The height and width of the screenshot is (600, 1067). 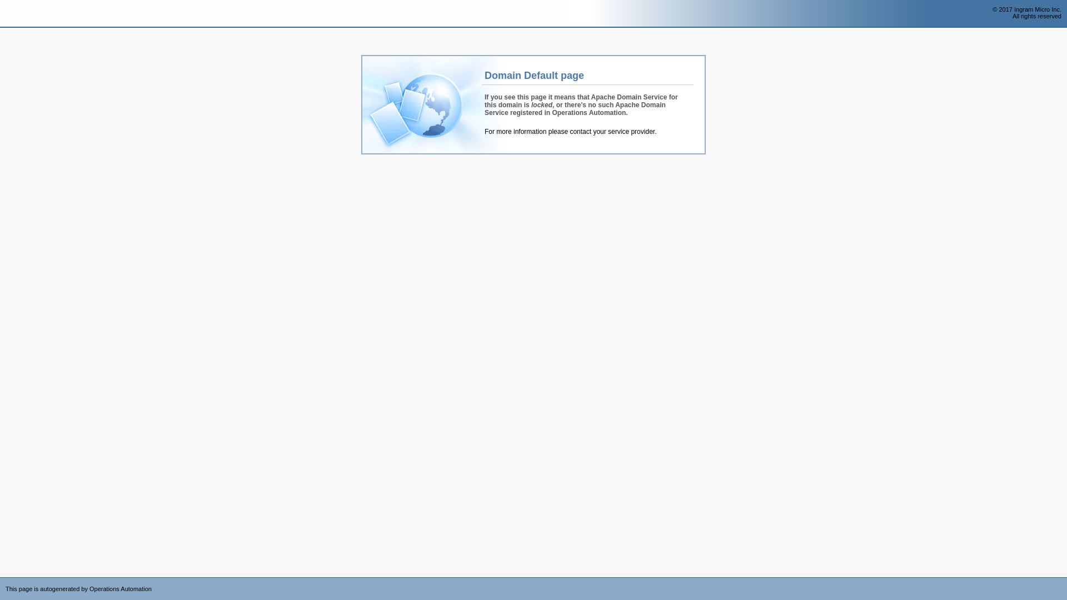 I want to click on 'Operations Automation', so click(x=0, y=13).